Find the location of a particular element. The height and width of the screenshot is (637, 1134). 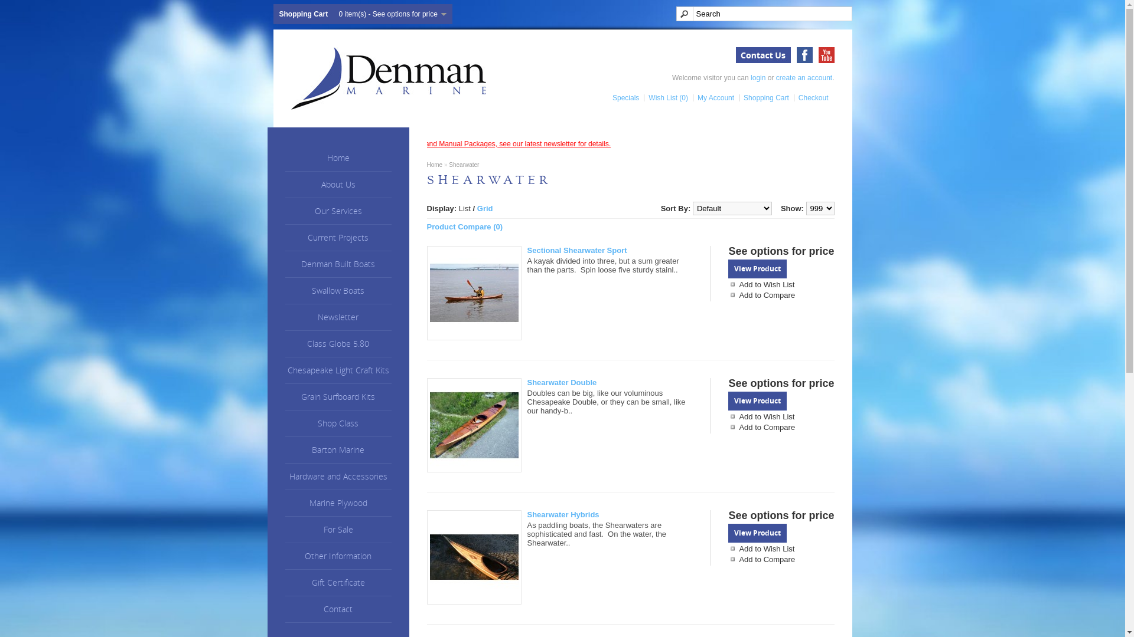

'Product Compare (0)' is located at coordinates (464, 226).